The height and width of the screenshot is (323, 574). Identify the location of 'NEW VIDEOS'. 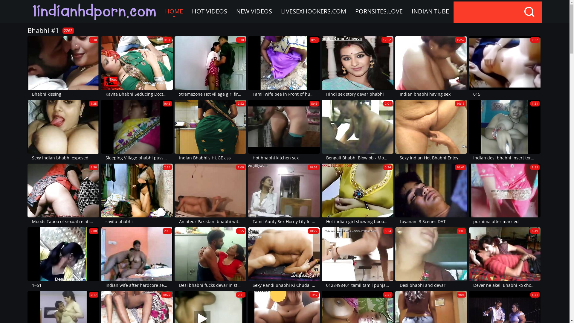
(254, 11).